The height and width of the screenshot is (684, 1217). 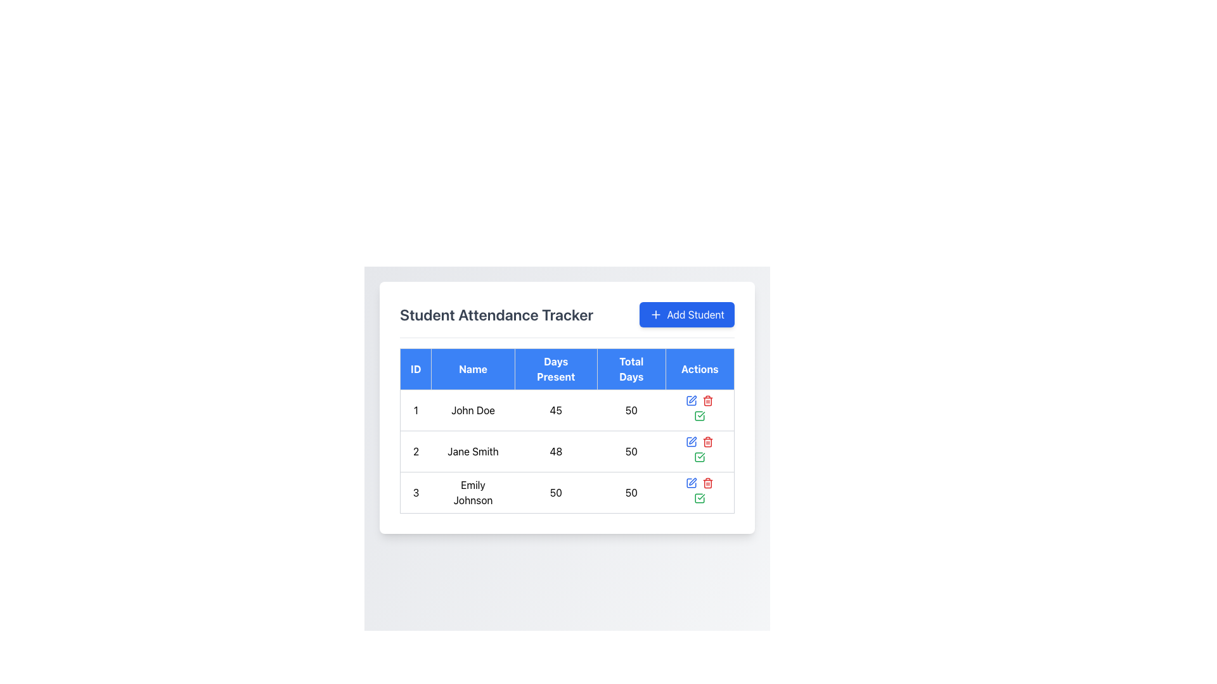 What do you see at coordinates (472, 369) in the screenshot?
I see `the Table Header Cell labeled 'Name' which is the second cell in the header row of the table, featuring white text on a blue background` at bounding box center [472, 369].